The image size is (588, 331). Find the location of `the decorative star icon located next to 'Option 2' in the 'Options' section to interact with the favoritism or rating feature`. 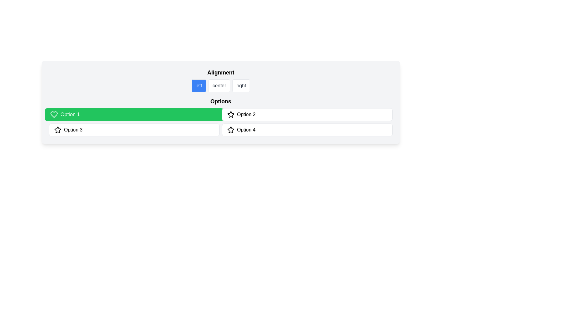

the decorative star icon located next to 'Option 2' in the 'Options' section to interact with the favoritism or rating feature is located at coordinates (230, 114).